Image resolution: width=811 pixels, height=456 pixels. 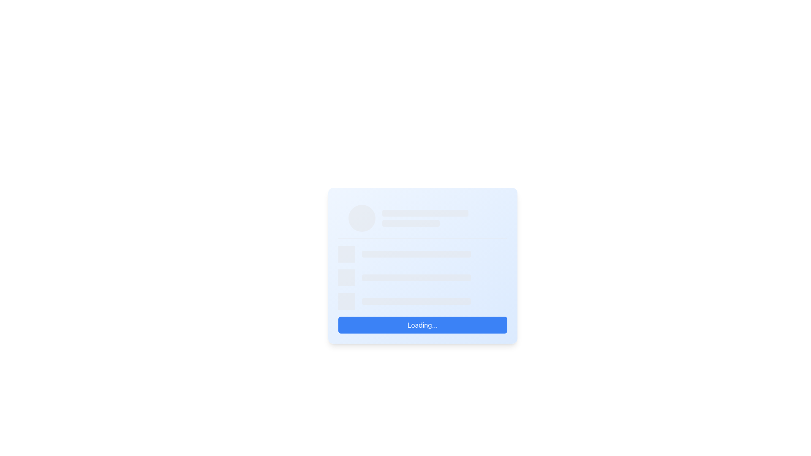 What do you see at coordinates (422, 301) in the screenshot?
I see `the loading animation by focusing on the Placeholder Loading Bar positioned above the blue 'Loading...' button in the third slot of the vertical layout` at bounding box center [422, 301].